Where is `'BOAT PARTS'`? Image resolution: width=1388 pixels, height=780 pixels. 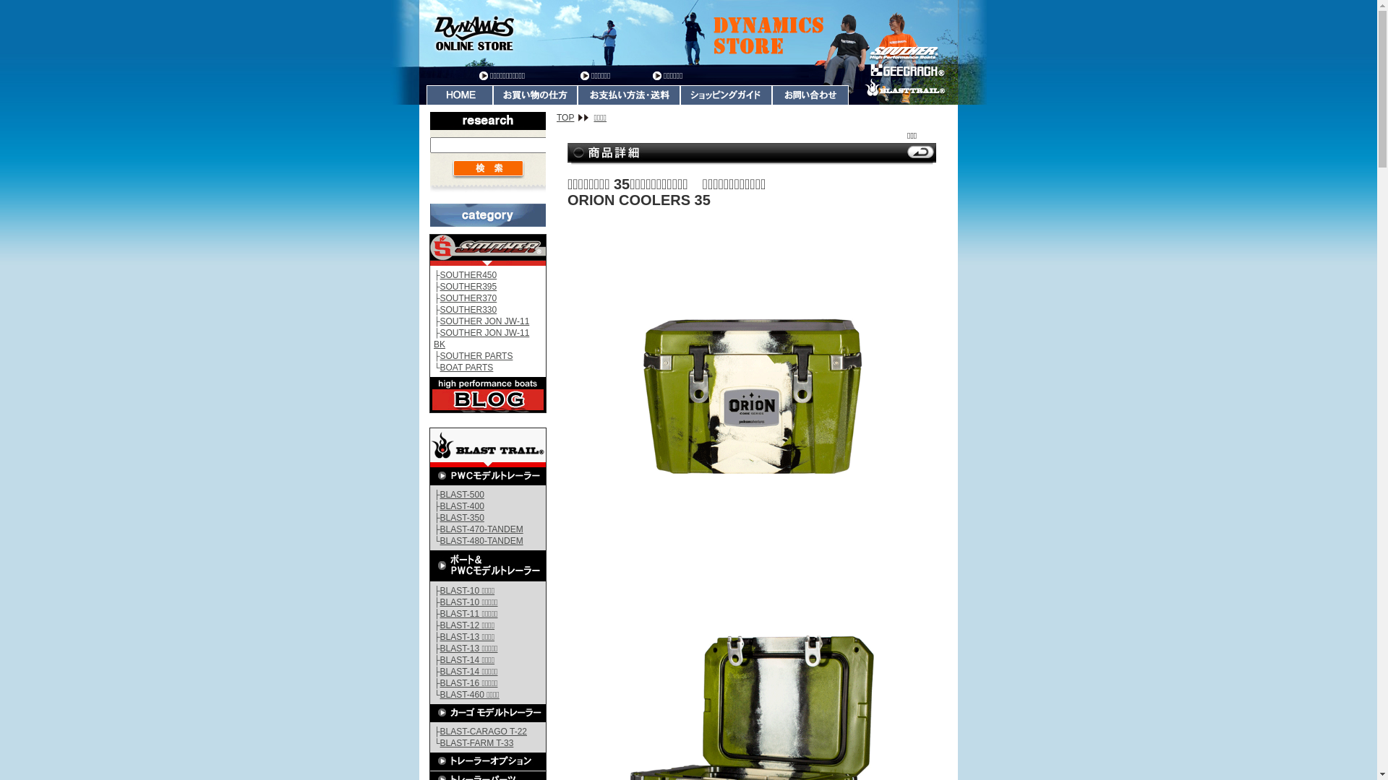
'BOAT PARTS' is located at coordinates (467, 367).